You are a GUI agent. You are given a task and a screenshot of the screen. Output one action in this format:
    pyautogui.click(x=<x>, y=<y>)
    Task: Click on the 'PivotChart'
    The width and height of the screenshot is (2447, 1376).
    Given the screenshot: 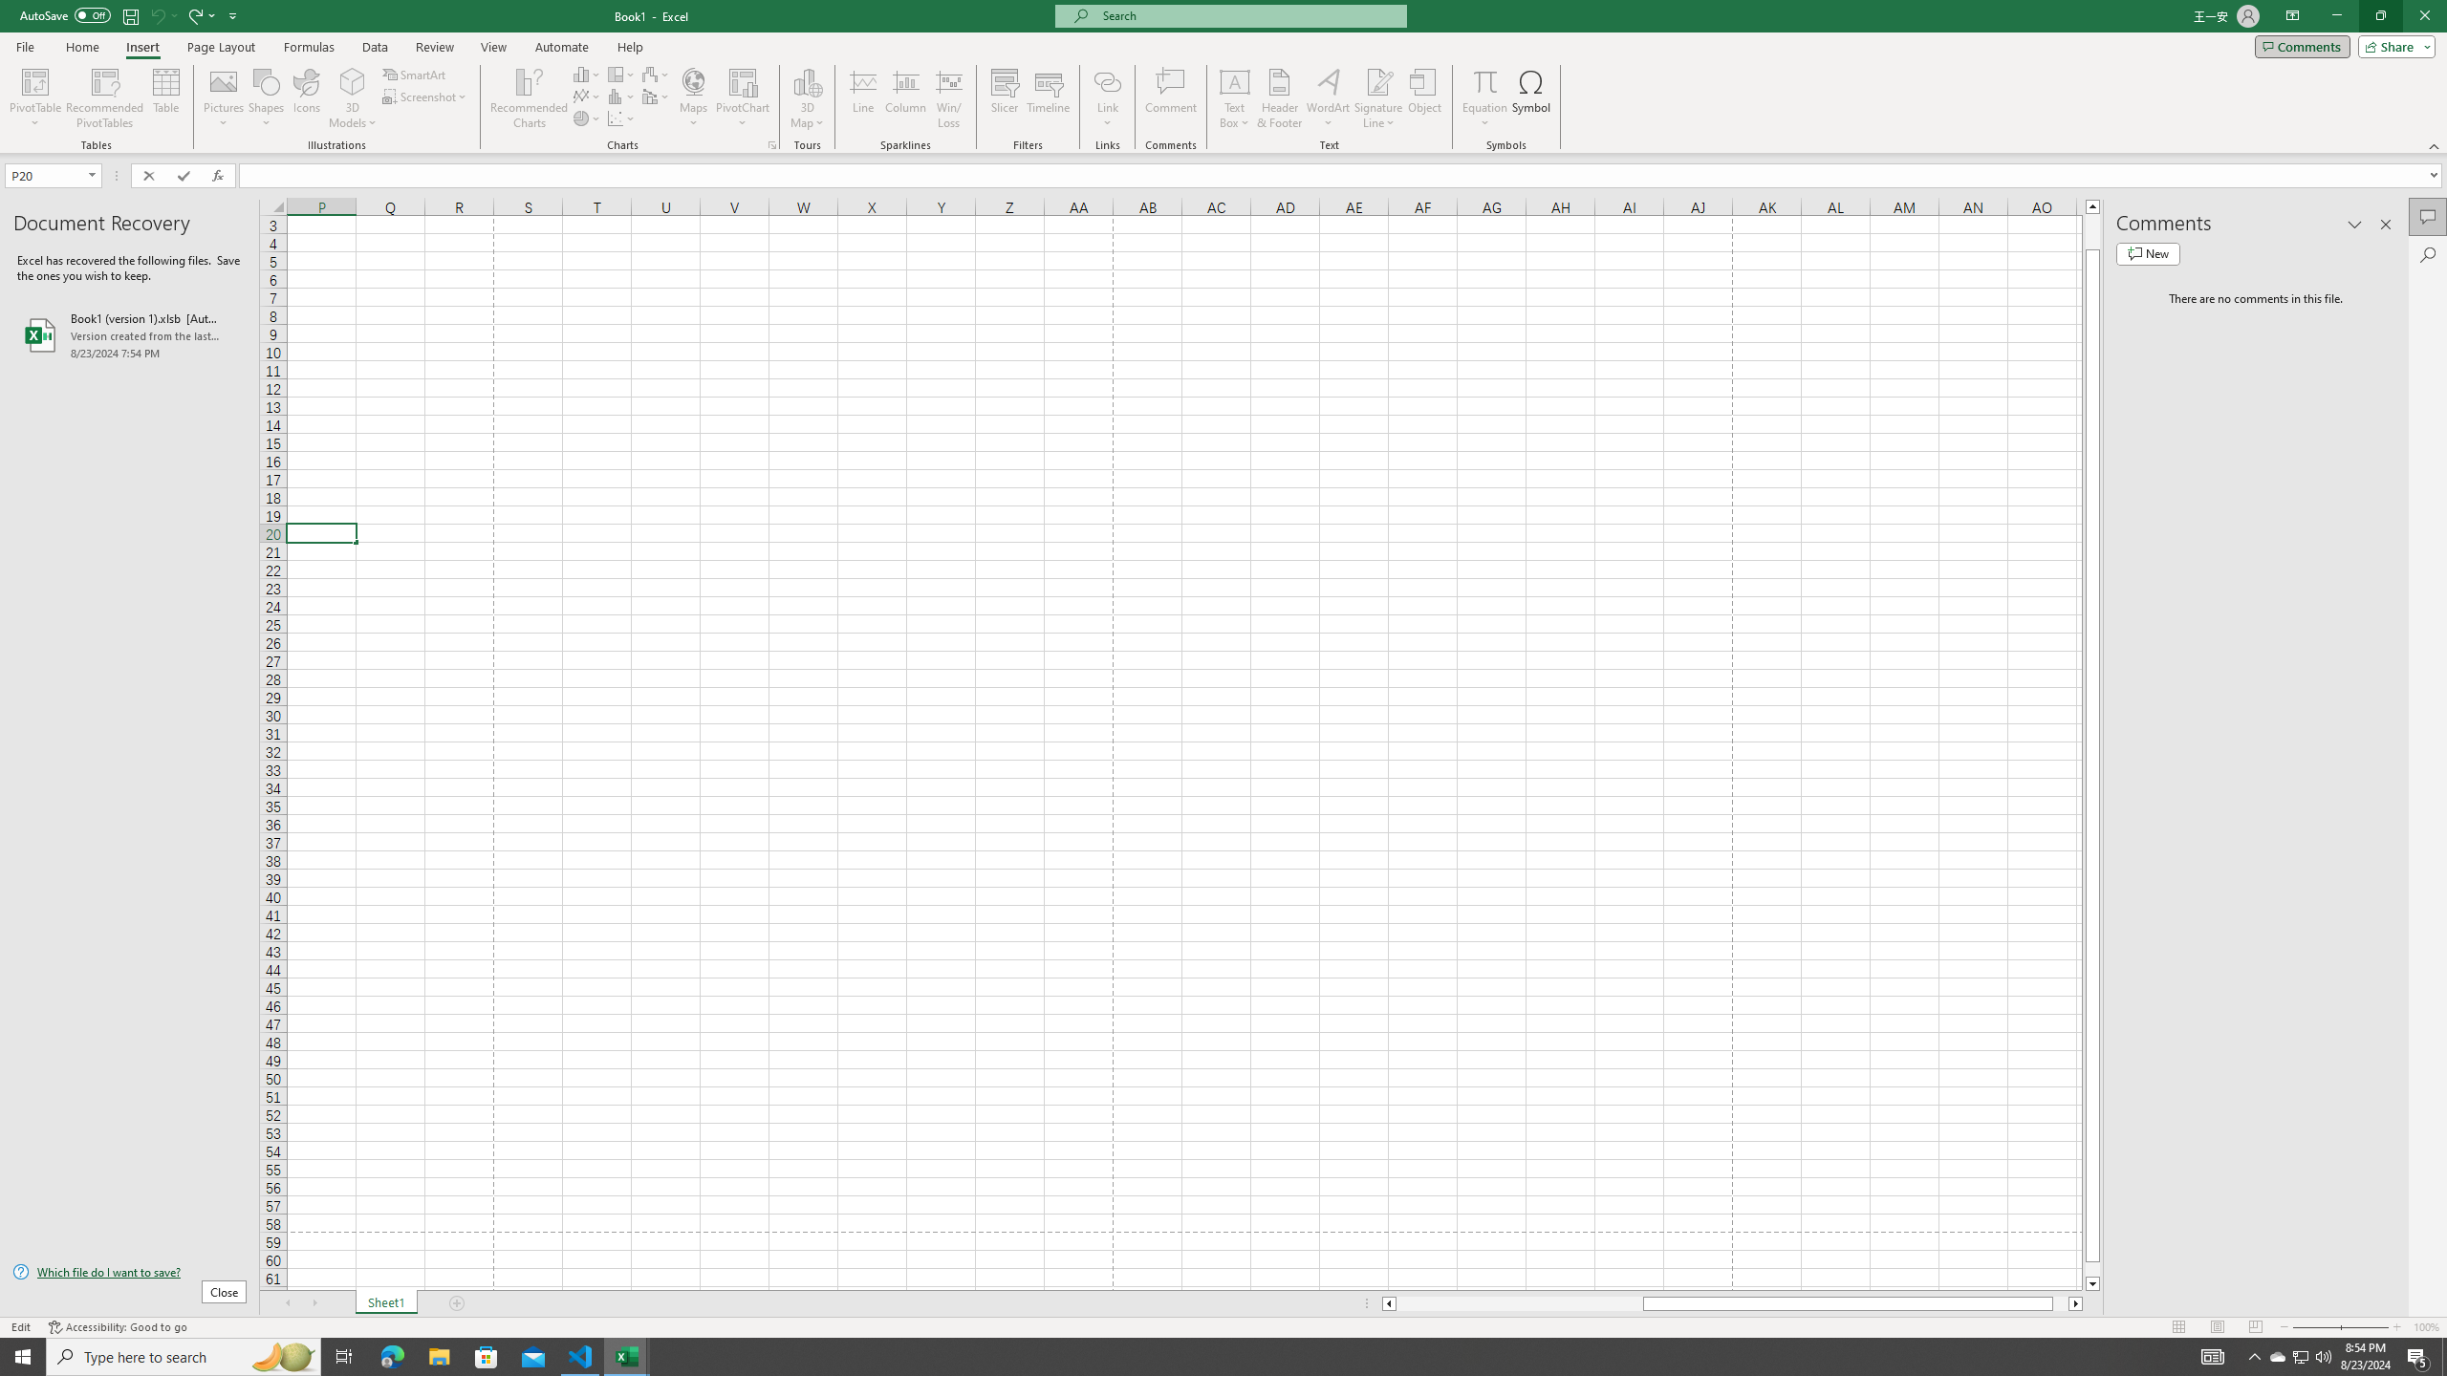 What is the action you would take?
    pyautogui.click(x=744, y=80)
    